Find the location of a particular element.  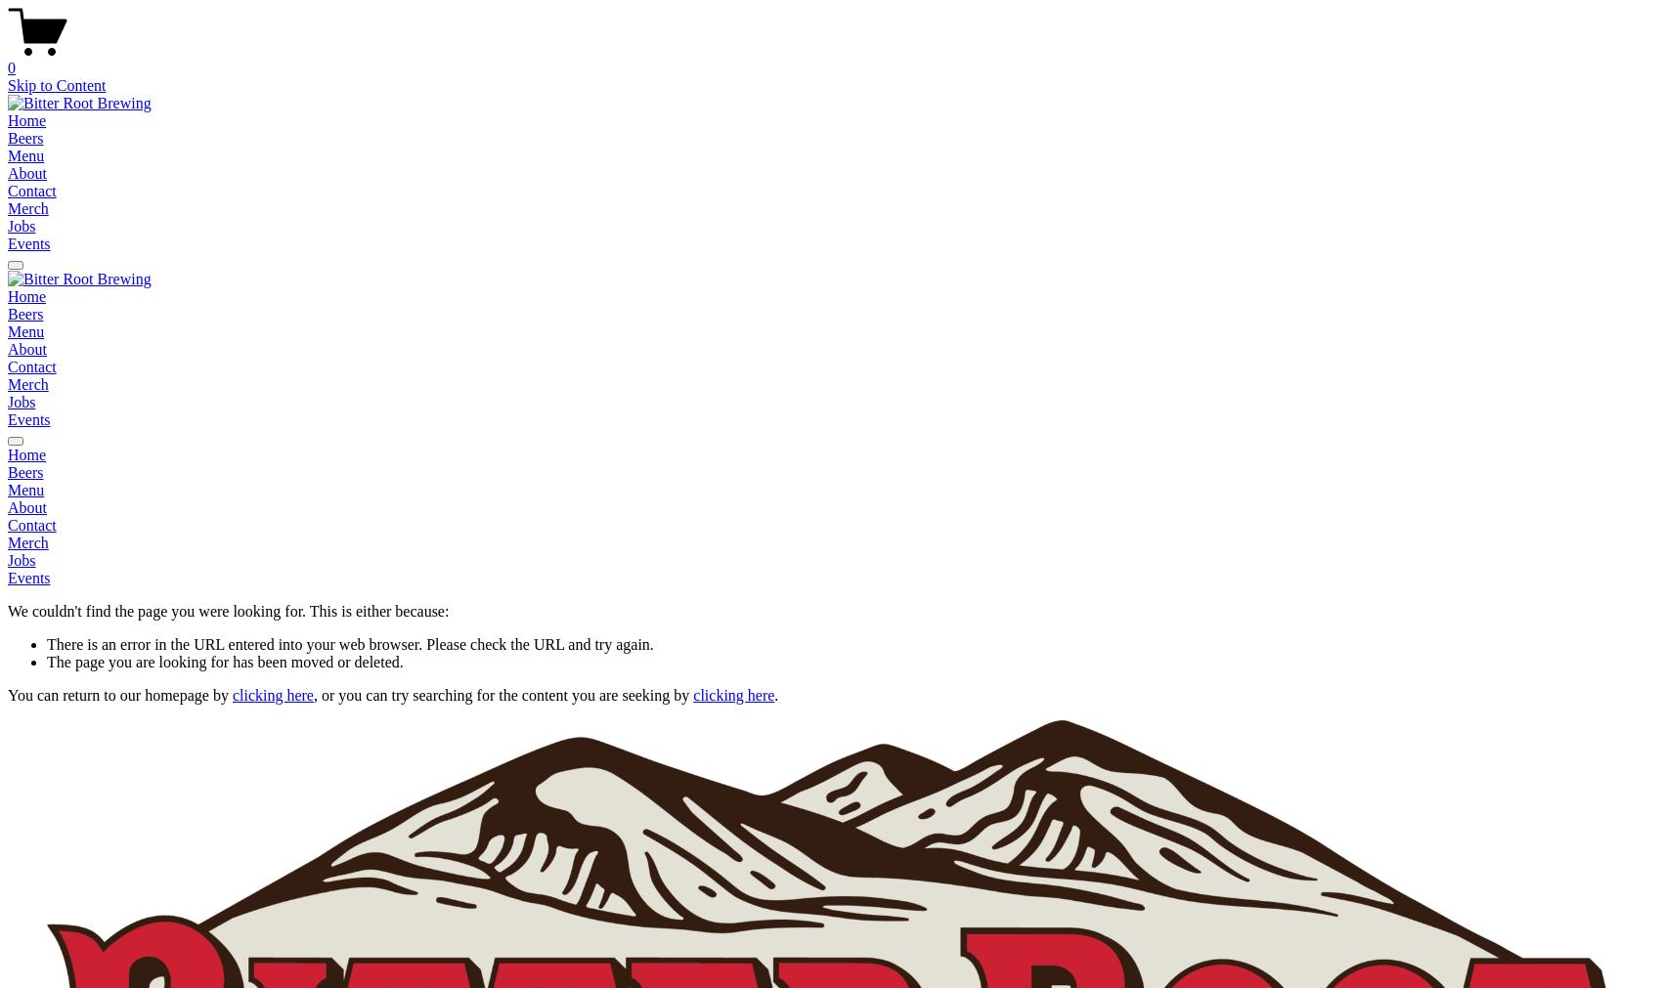

', or you can try searching for the
  content you are seeking by' is located at coordinates (503, 694).